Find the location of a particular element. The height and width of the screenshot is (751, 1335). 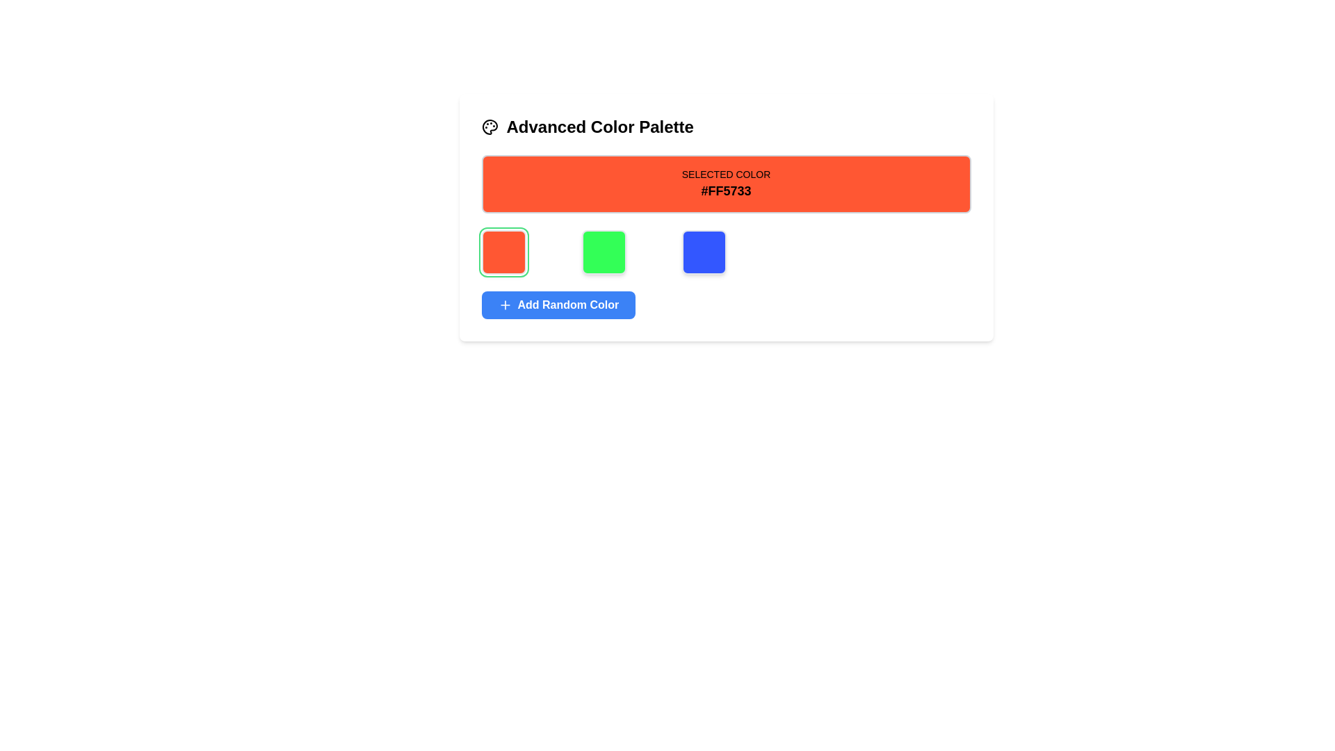

the plus sign icon located within the blue and white button labeled 'Add Random Color' is located at coordinates (504, 305).